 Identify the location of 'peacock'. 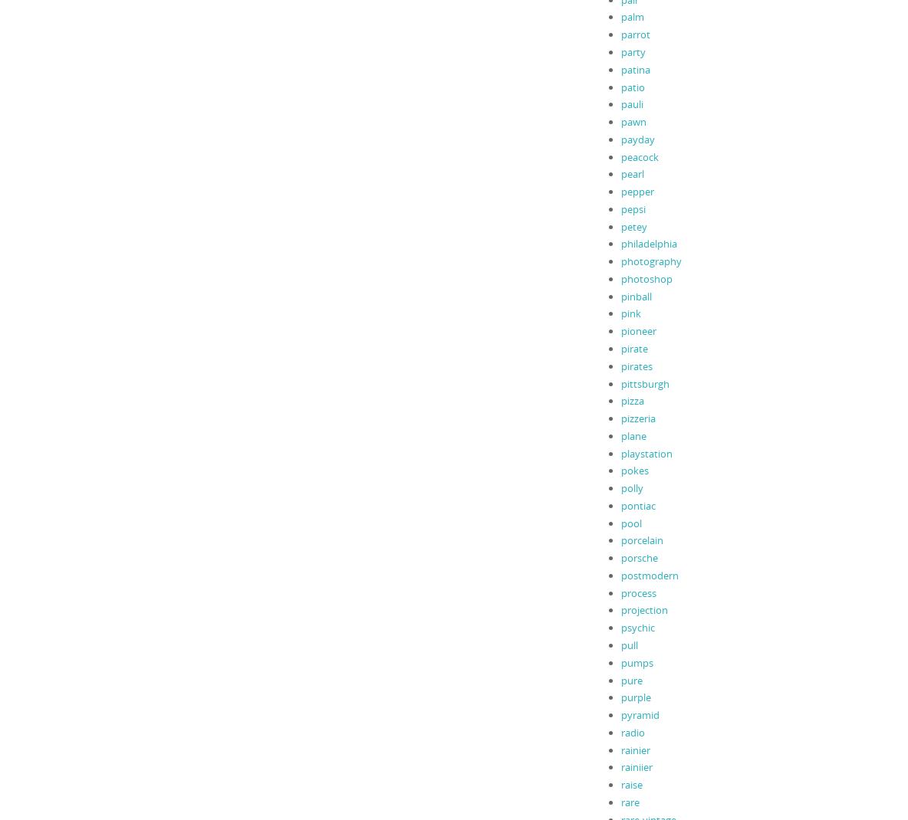
(620, 156).